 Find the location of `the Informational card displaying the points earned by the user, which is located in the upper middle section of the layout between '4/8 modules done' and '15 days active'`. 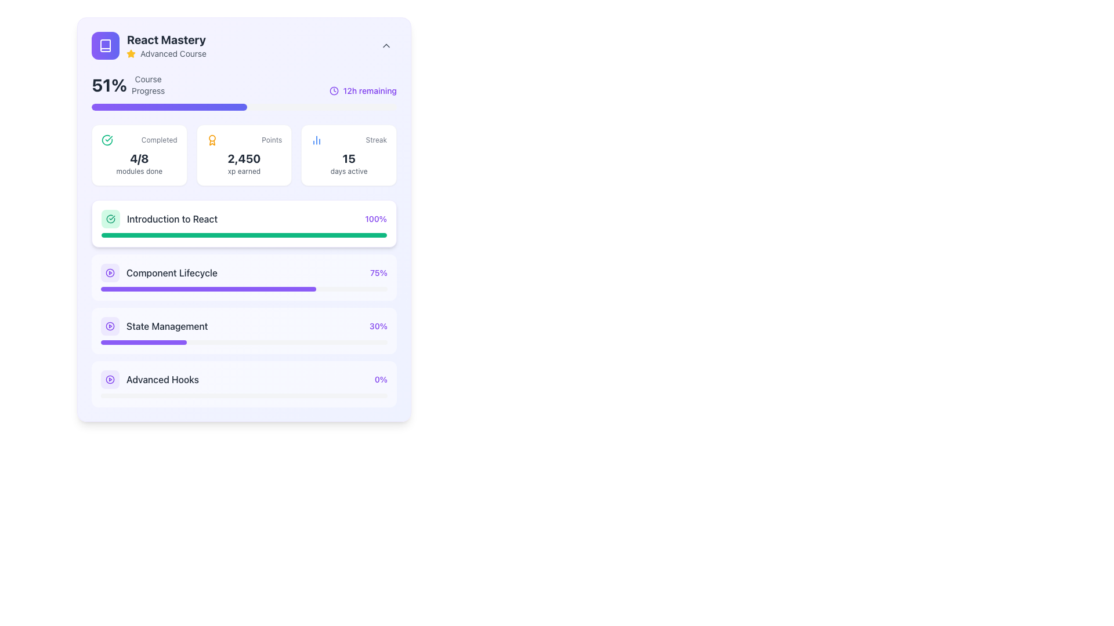

the Informational card displaying the points earned by the user, which is located in the upper middle section of the layout between '4/8 modules done' and '15 days active' is located at coordinates (244, 154).